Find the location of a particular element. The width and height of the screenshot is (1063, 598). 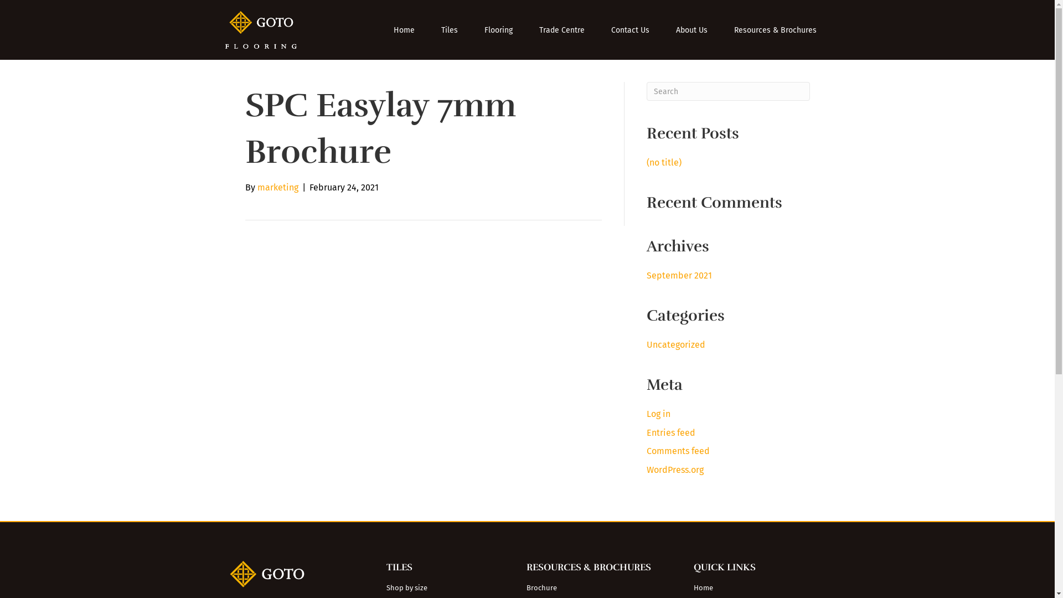

'Home' is located at coordinates (403, 29).